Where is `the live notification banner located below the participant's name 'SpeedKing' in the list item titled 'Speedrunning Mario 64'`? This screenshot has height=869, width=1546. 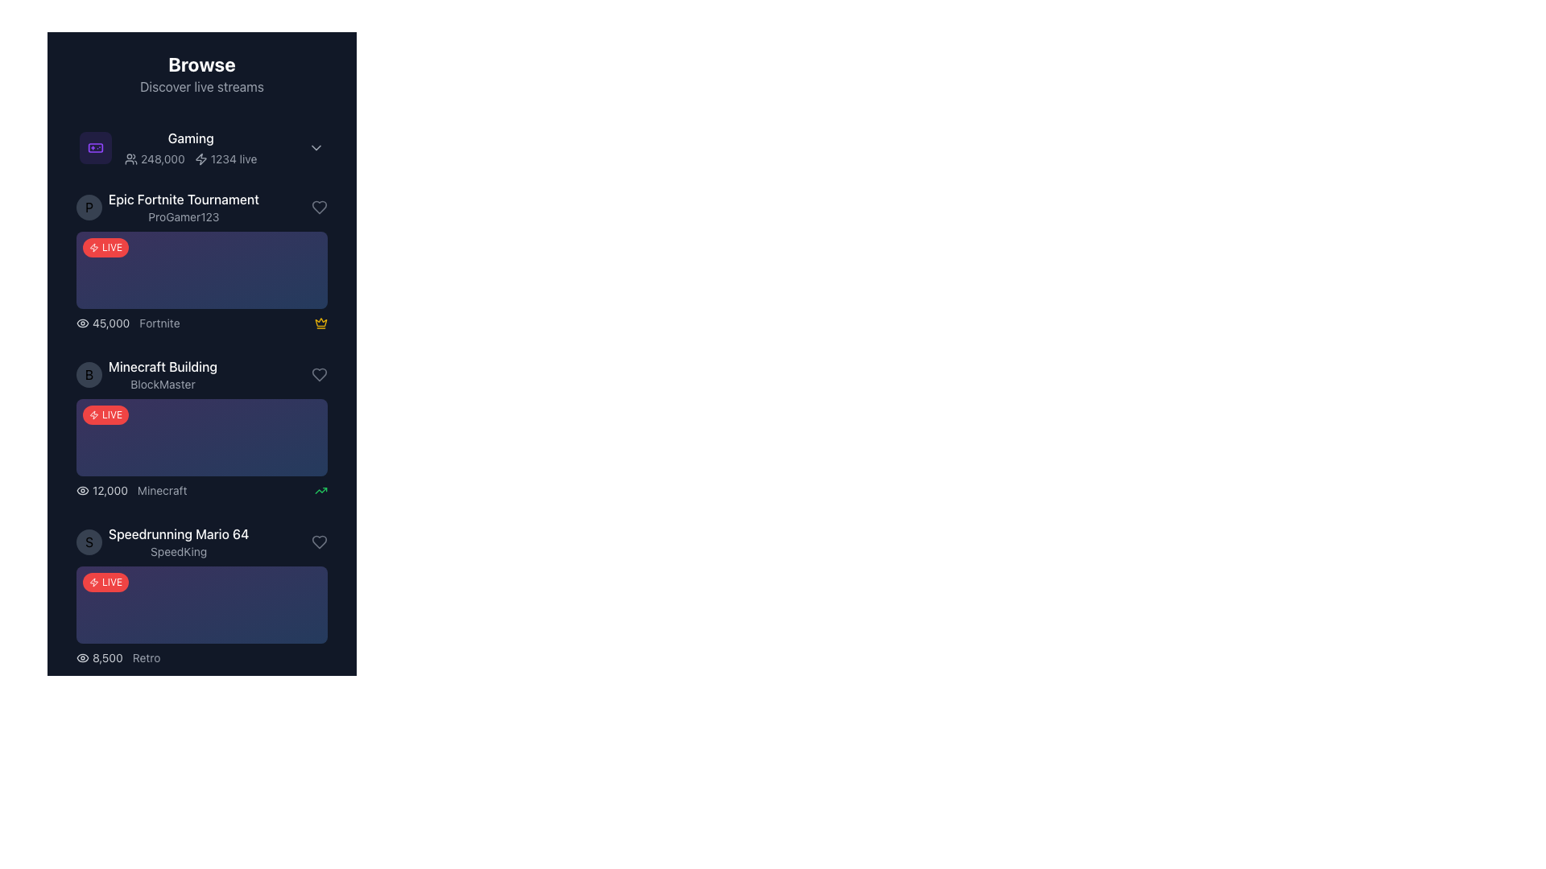 the live notification banner located below the participant's name 'SpeedKing' in the list item titled 'Speedrunning Mario 64' is located at coordinates (200, 605).